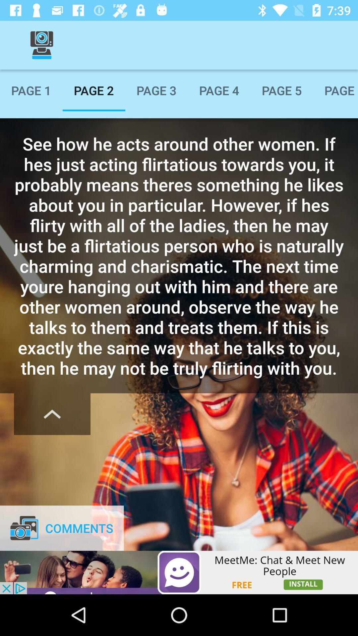  What do you see at coordinates (52, 414) in the screenshot?
I see `the expand_less icon` at bounding box center [52, 414].